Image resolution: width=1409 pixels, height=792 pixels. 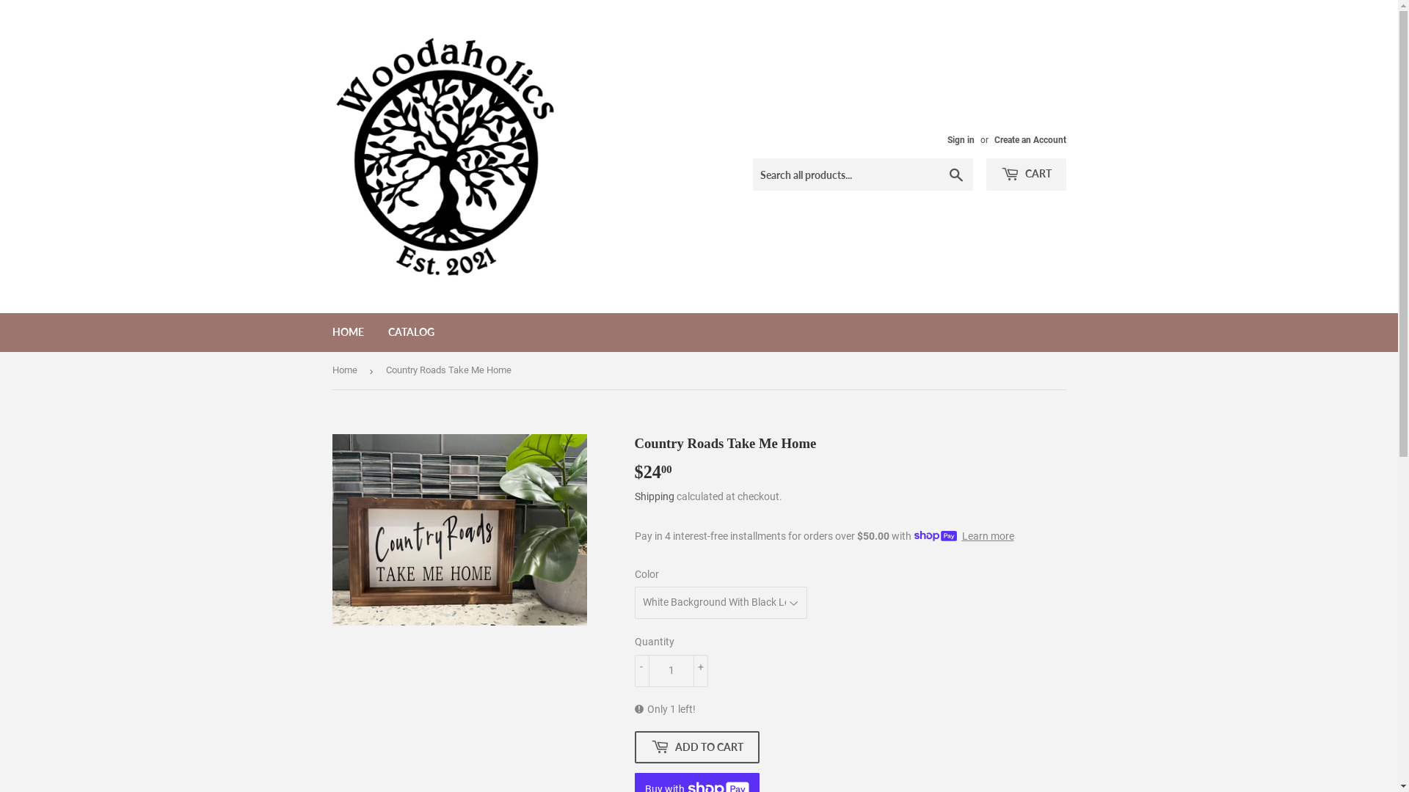 I want to click on 'Create an Account', so click(x=1028, y=140).